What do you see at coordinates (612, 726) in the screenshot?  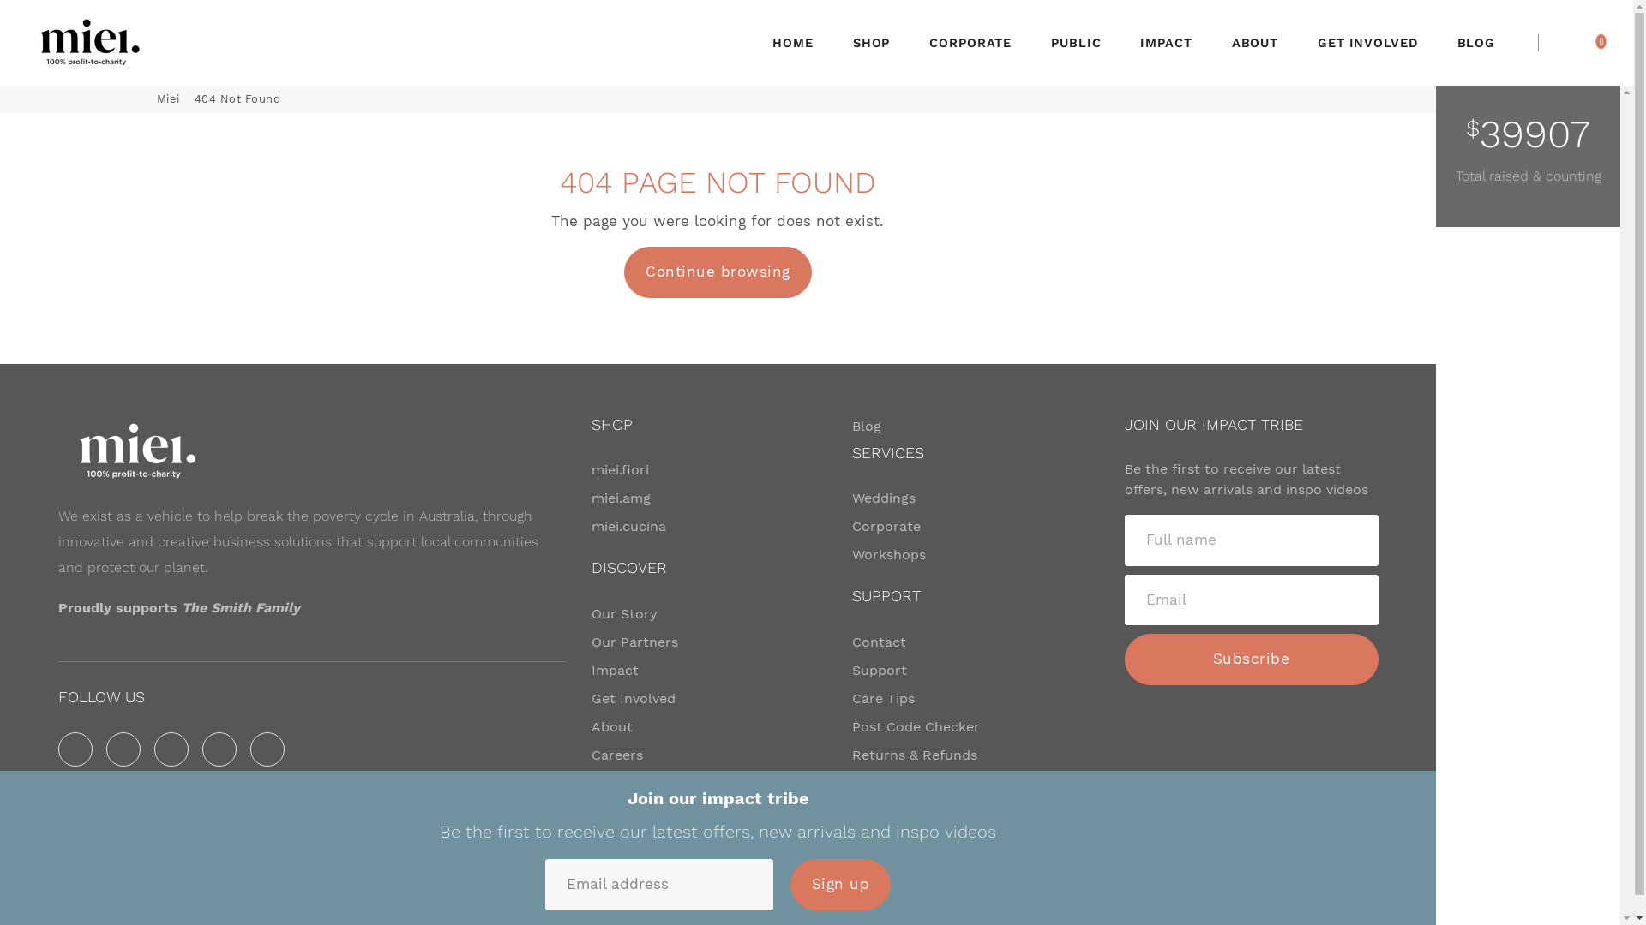 I see `'About'` at bounding box center [612, 726].